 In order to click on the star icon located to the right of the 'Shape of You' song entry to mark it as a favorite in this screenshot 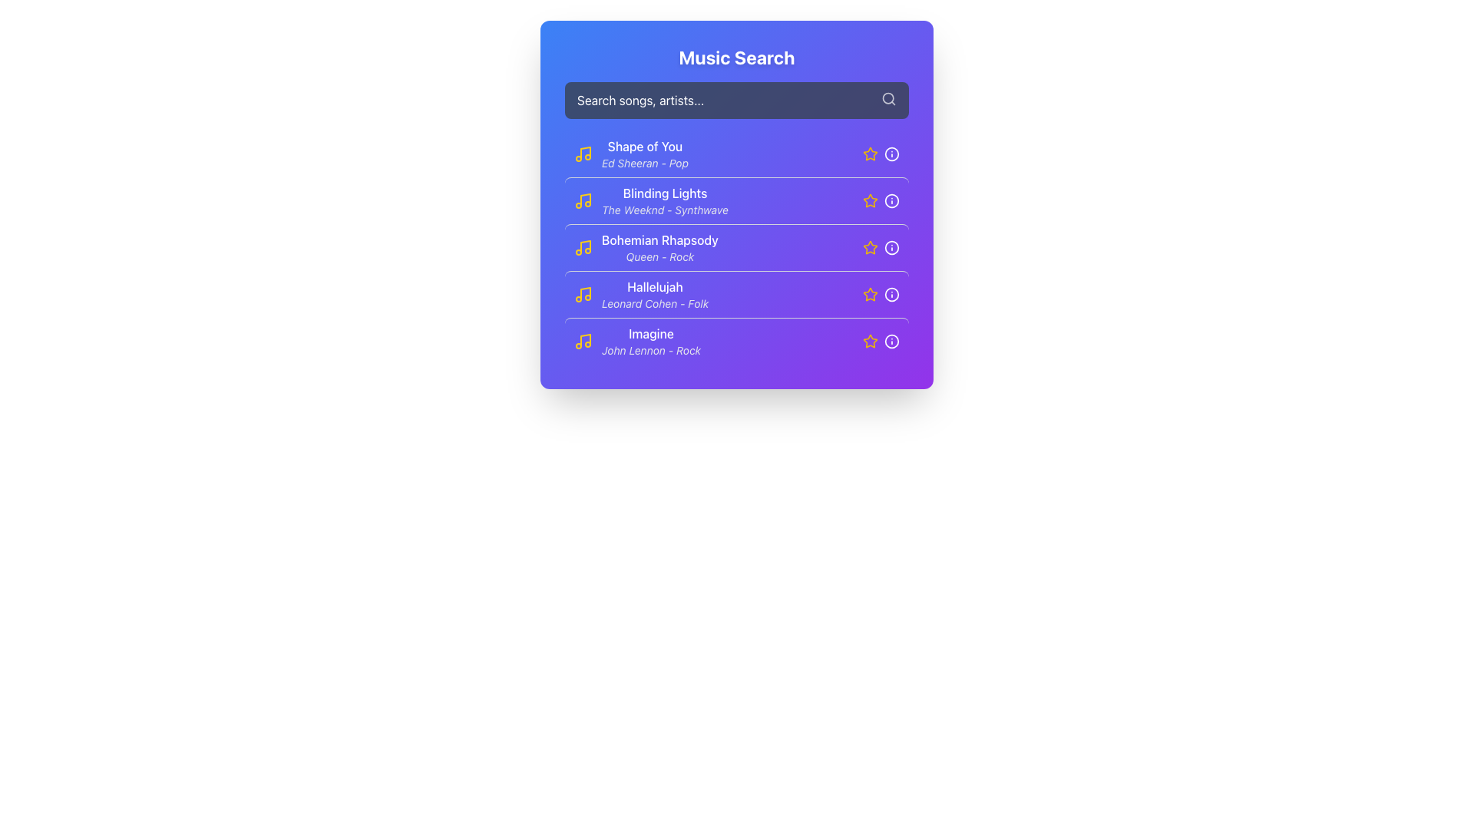, I will do `click(869, 154)`.